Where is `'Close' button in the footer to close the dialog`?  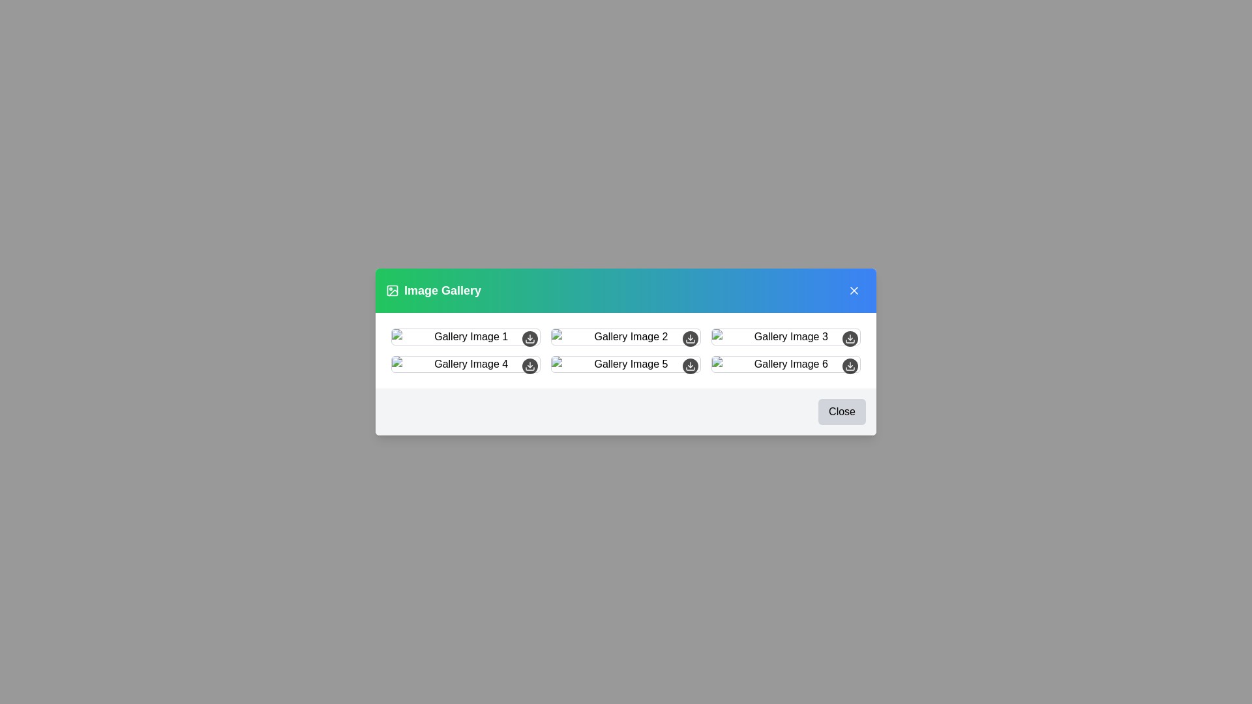 'Close' button in the footer to close the dialog is located at coordinates (842, 412).